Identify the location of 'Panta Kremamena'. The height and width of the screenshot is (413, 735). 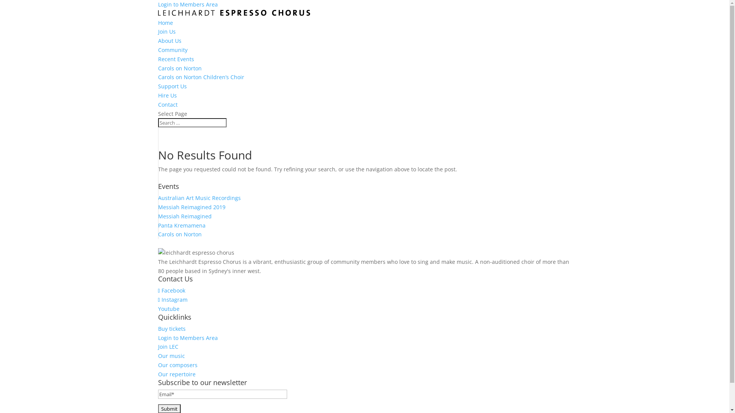
(181, 225).